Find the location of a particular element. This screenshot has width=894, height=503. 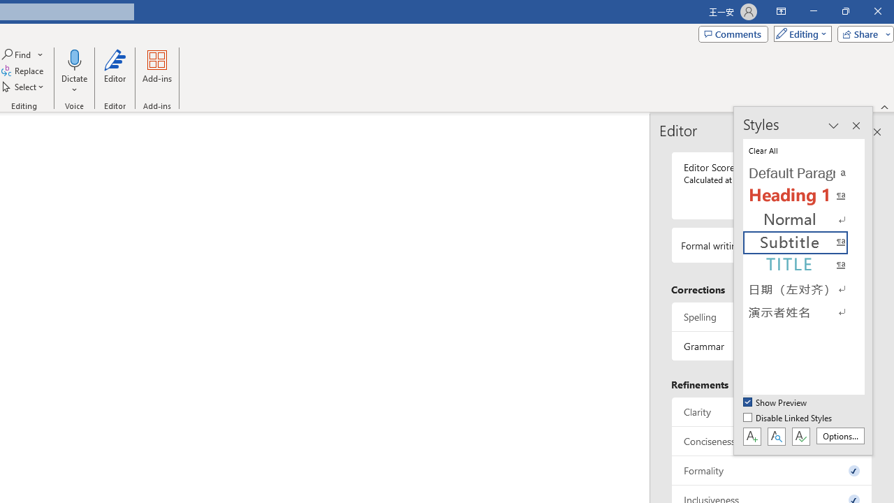

'Clear All' is located at coordinates (803, 150).